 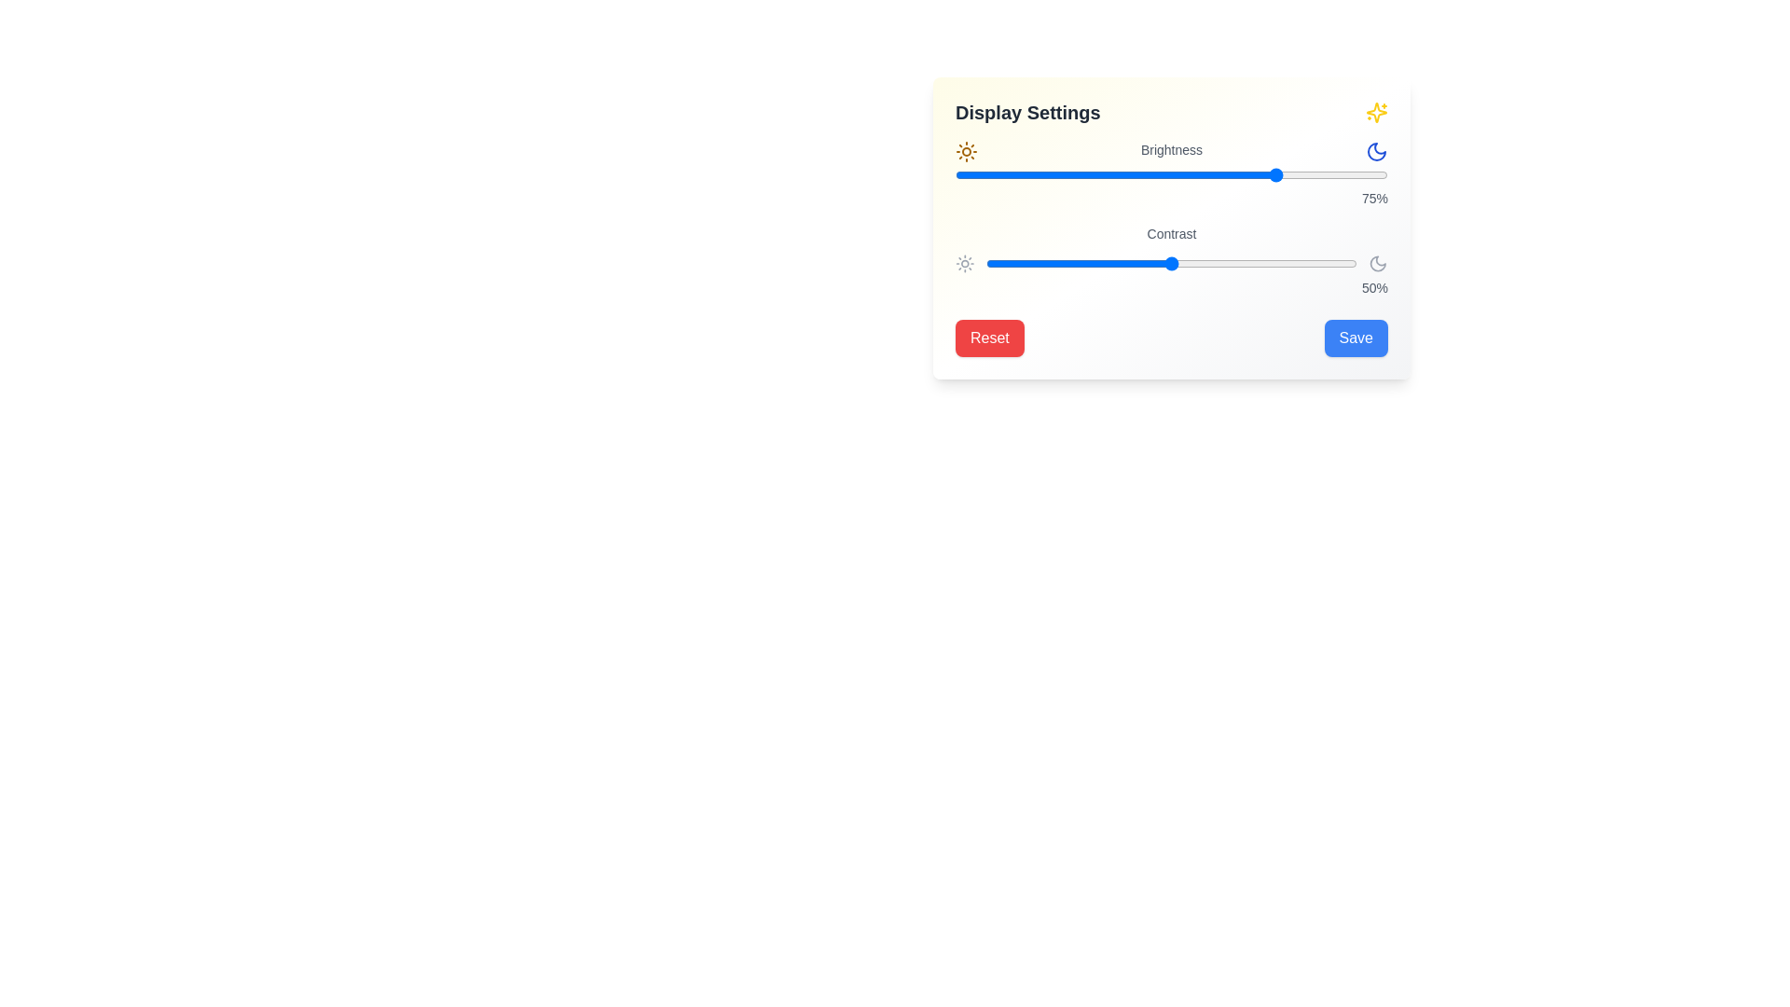 I want to click on the contrast, so click(x=1268, y=263).